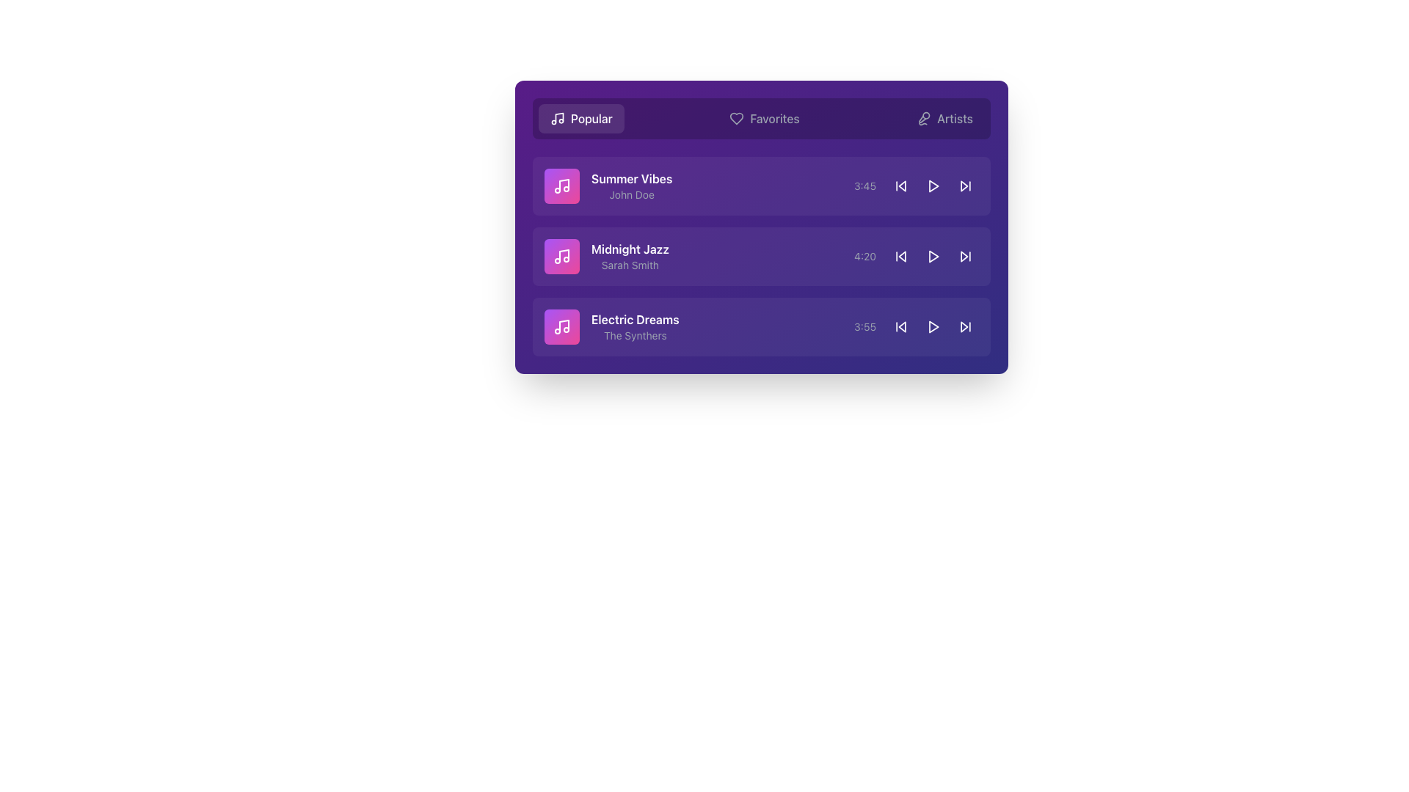 The width and height of the screenshot is (1409, 792). Describe the element at coordinates (556, 118) in the screenshot. I see `the 'Popular' category icon located at the top-left of the music tracks panel, before the text label 'Popular'` at that location.